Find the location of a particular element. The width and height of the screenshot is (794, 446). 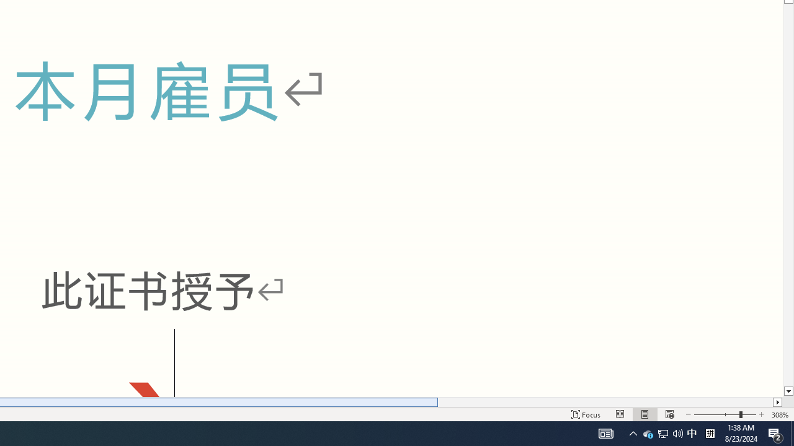

'Zoom 308%' is located at coordinates (780, 414).